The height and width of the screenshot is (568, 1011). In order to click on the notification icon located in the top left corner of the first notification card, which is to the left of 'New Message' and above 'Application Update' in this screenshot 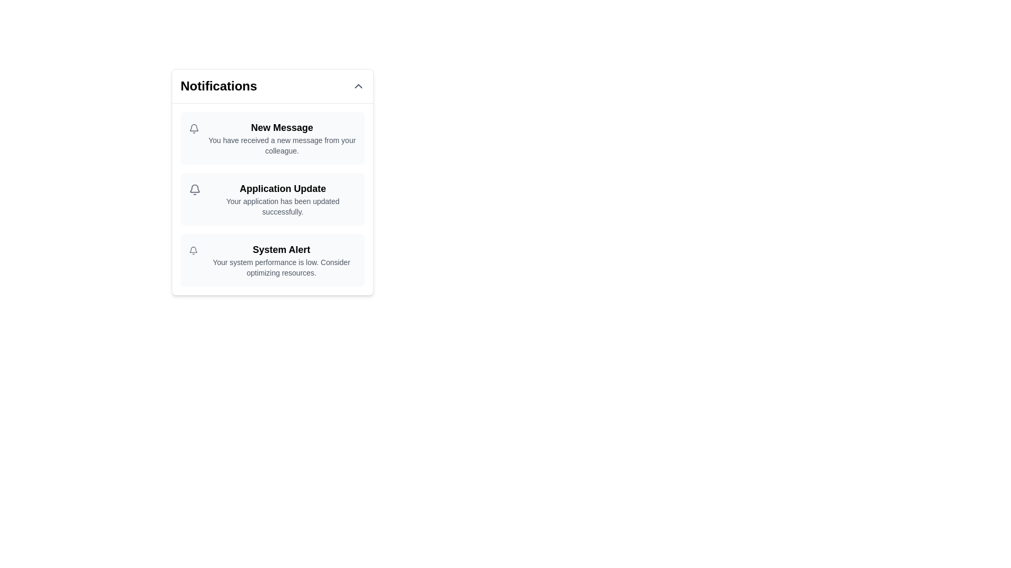, I will do `click(194, 128)`.